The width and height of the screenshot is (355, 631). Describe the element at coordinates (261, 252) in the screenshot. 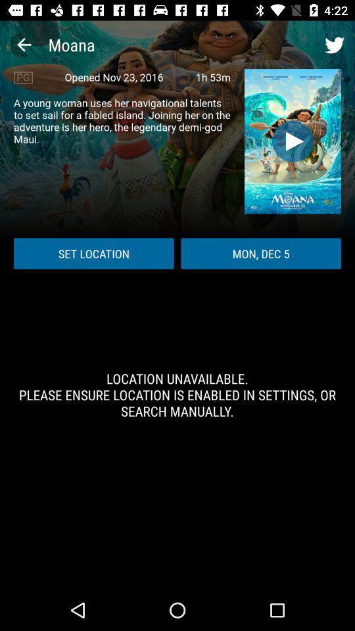

I see `mon, dec 5` at that location.